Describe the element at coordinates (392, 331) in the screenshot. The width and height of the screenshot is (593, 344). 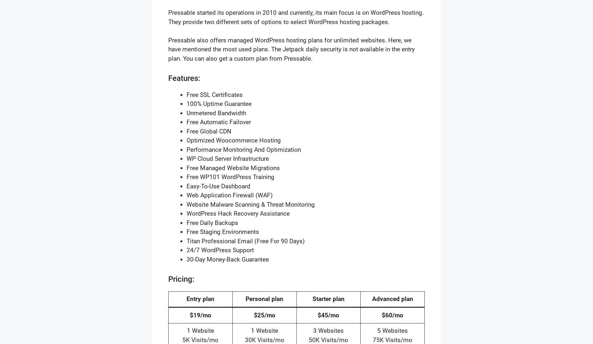
I see `'5 Websites'` at that location.